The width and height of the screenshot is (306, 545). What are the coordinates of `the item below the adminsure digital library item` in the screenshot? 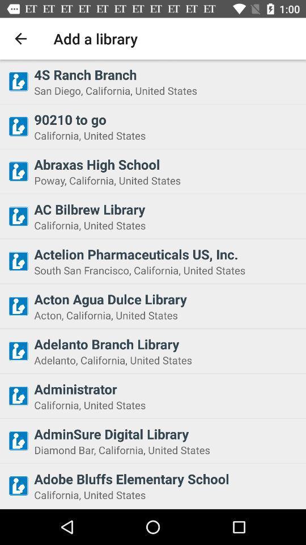 It's located at (166, 450).